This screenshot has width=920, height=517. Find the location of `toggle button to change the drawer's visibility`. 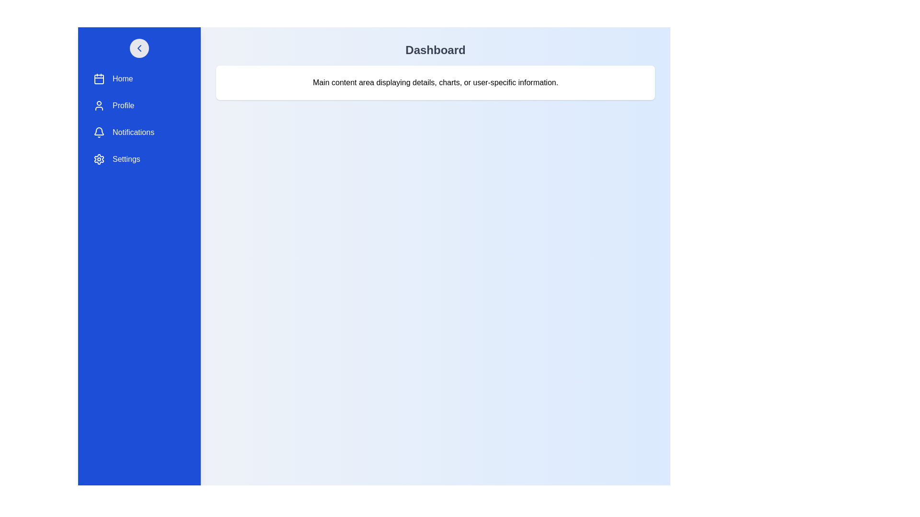

toggle button to change the drawer's visibility is located at coordinates (139, 48).